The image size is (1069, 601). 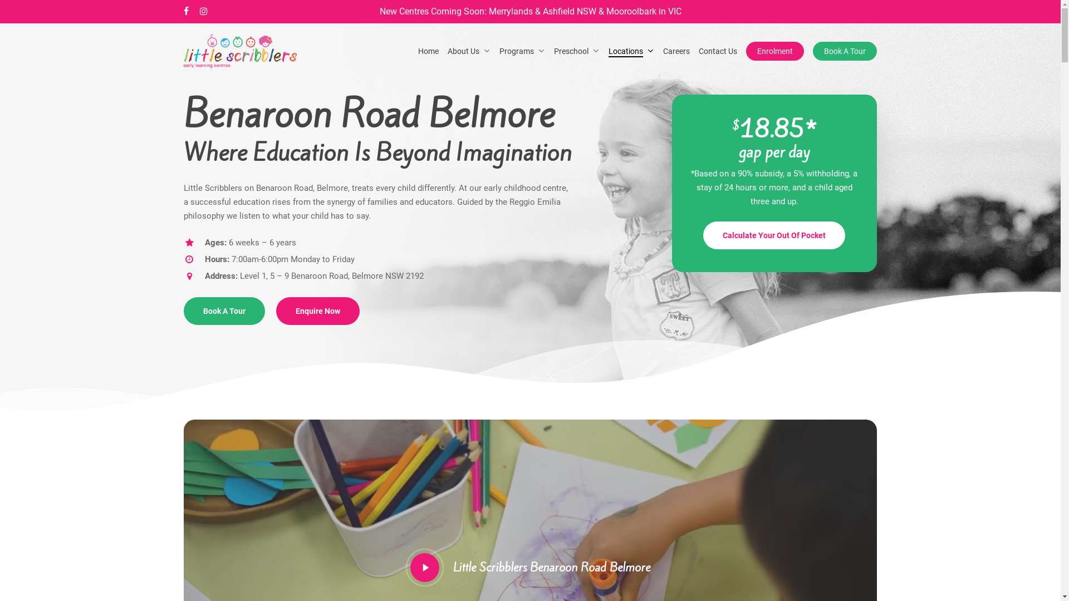 What do you see at coordinates (469, 51) in the screenshot?
I see `'About Us'` at bounding box center [469, 51].